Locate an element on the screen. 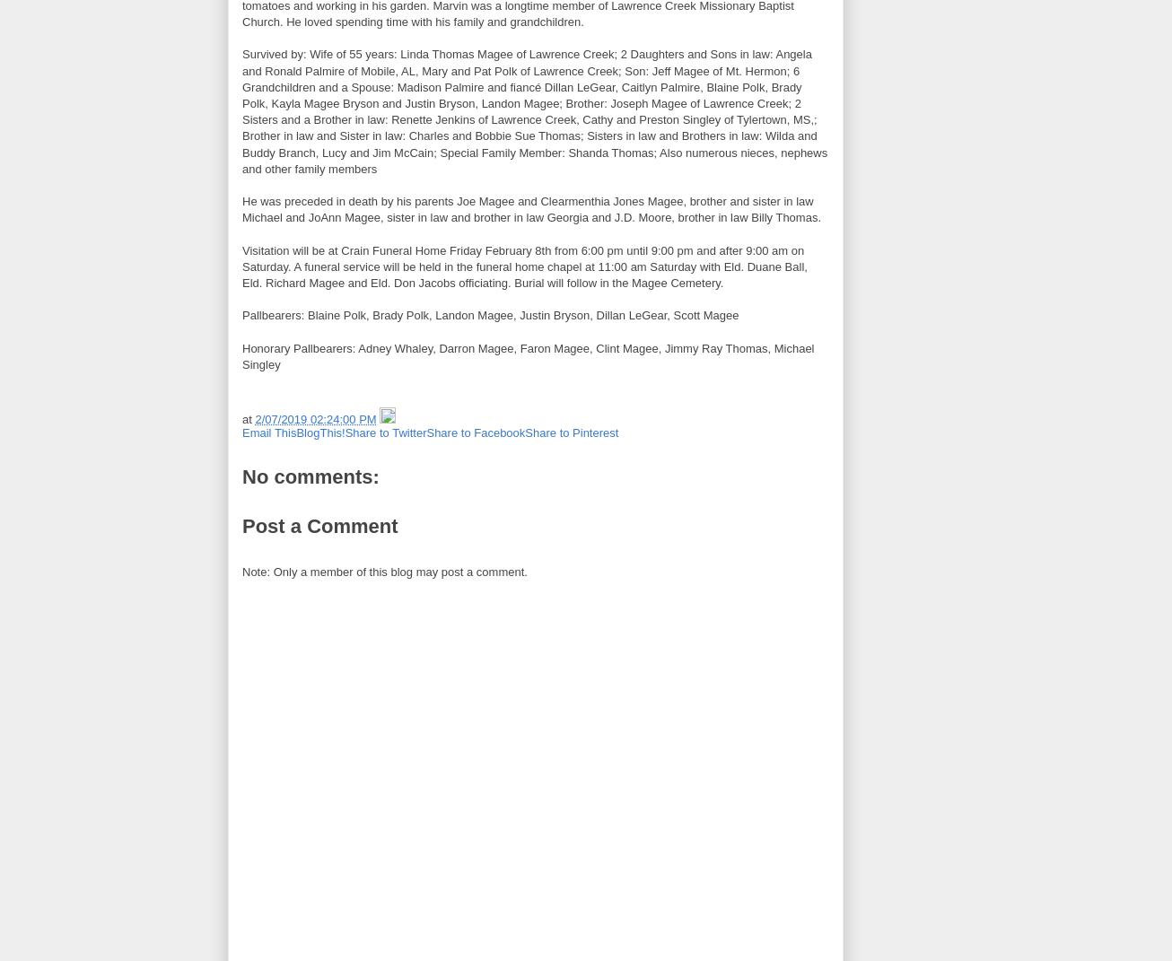 This screenshot has height=961, width=1172. 'Survived by: Wife of 55 years: Linda Thomas Magee of Lawrence Creek; 2 Daughters and Sons in law: Angela and Ronald Palmire of Mobile, AL, Mary and Pat Polk of Lawrence Creek; Son: Jeff Magee of Mt. Hermon; 6 Grandchildren and a Spouse: Madison Palmire and fiancé Dillan LeGear, Caitlyn Palmire, Blaine Polk, Brady Polk, Kayla Magee Bryson and Justin Bryson, Landon Magee; Brother: Joseph Magee of Lawrence Creek; 2 Sisters and a Brother in law: Renette Jenkins of Lawrence Creek, Cathy and Preston Singley of Tylertown, MS,; Brother in law and Sister in law: Charles and Bobbie Sue Thomas; Sisters in law and Brothers in law: Wilda and Buddy Branch, Lucy and Jim McCain; Special Family Member: Shanda Thomas; Also numerous nieces, nephews and other family members' is located at coordinates (241, 111).